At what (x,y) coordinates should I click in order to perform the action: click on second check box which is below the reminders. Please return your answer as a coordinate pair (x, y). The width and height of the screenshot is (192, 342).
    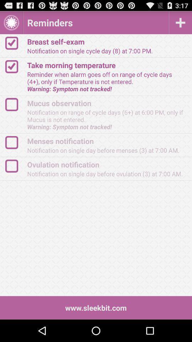
    Looking at the image, I should click on (15, 67).